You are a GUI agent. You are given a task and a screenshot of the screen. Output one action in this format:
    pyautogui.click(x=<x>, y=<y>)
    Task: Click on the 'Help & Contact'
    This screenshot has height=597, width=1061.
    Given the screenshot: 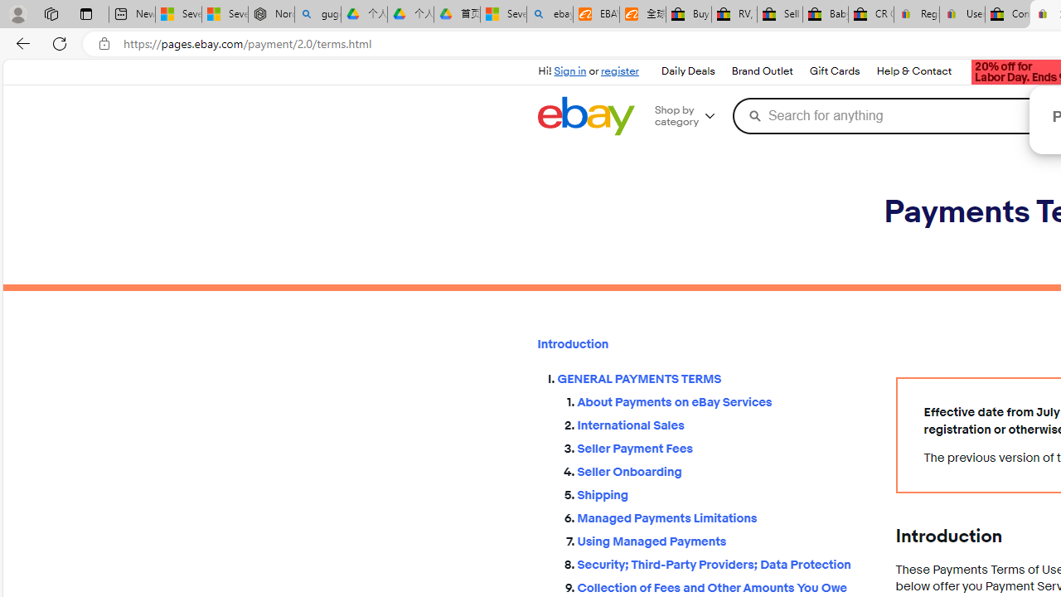 What is the action you would take?
    pyautogui.click(x=913, y=70)
    